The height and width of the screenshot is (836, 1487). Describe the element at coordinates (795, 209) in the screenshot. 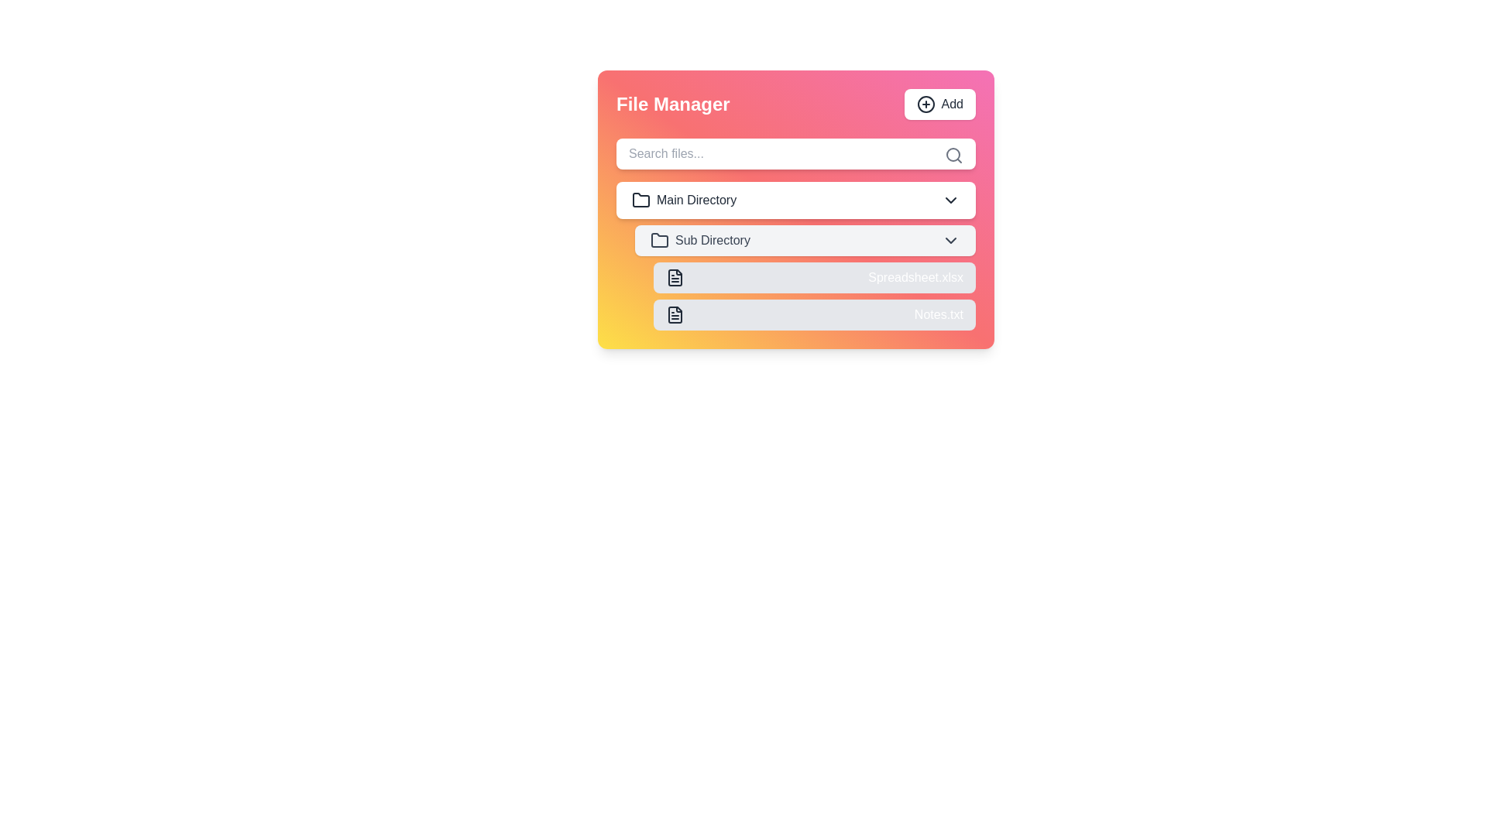

I see `any interactive elements within the file management card located centrally below the search bar and above the directory items` at that location.